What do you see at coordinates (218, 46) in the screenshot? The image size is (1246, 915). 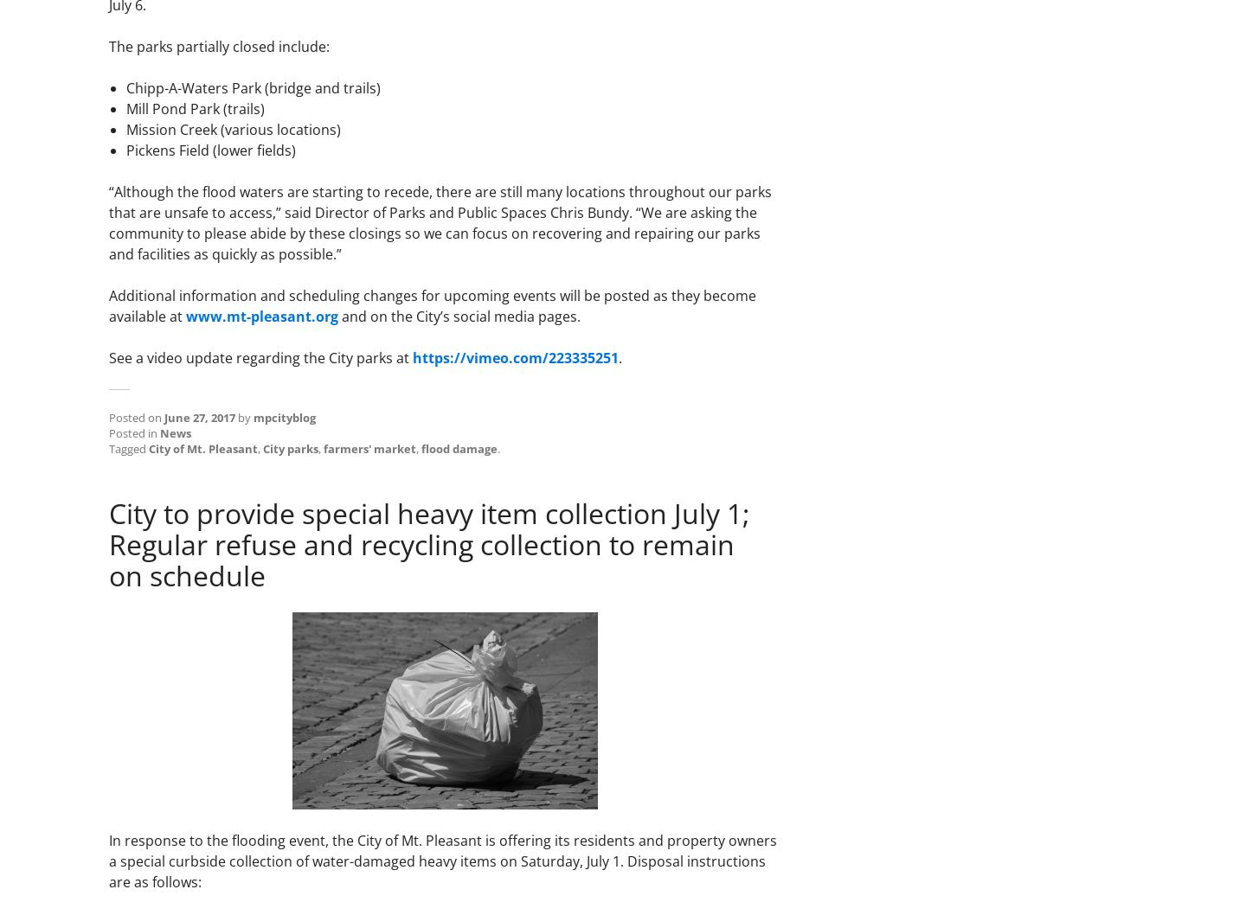 I see `'The parks partially closed include:'` at bounding box center [218, 46].